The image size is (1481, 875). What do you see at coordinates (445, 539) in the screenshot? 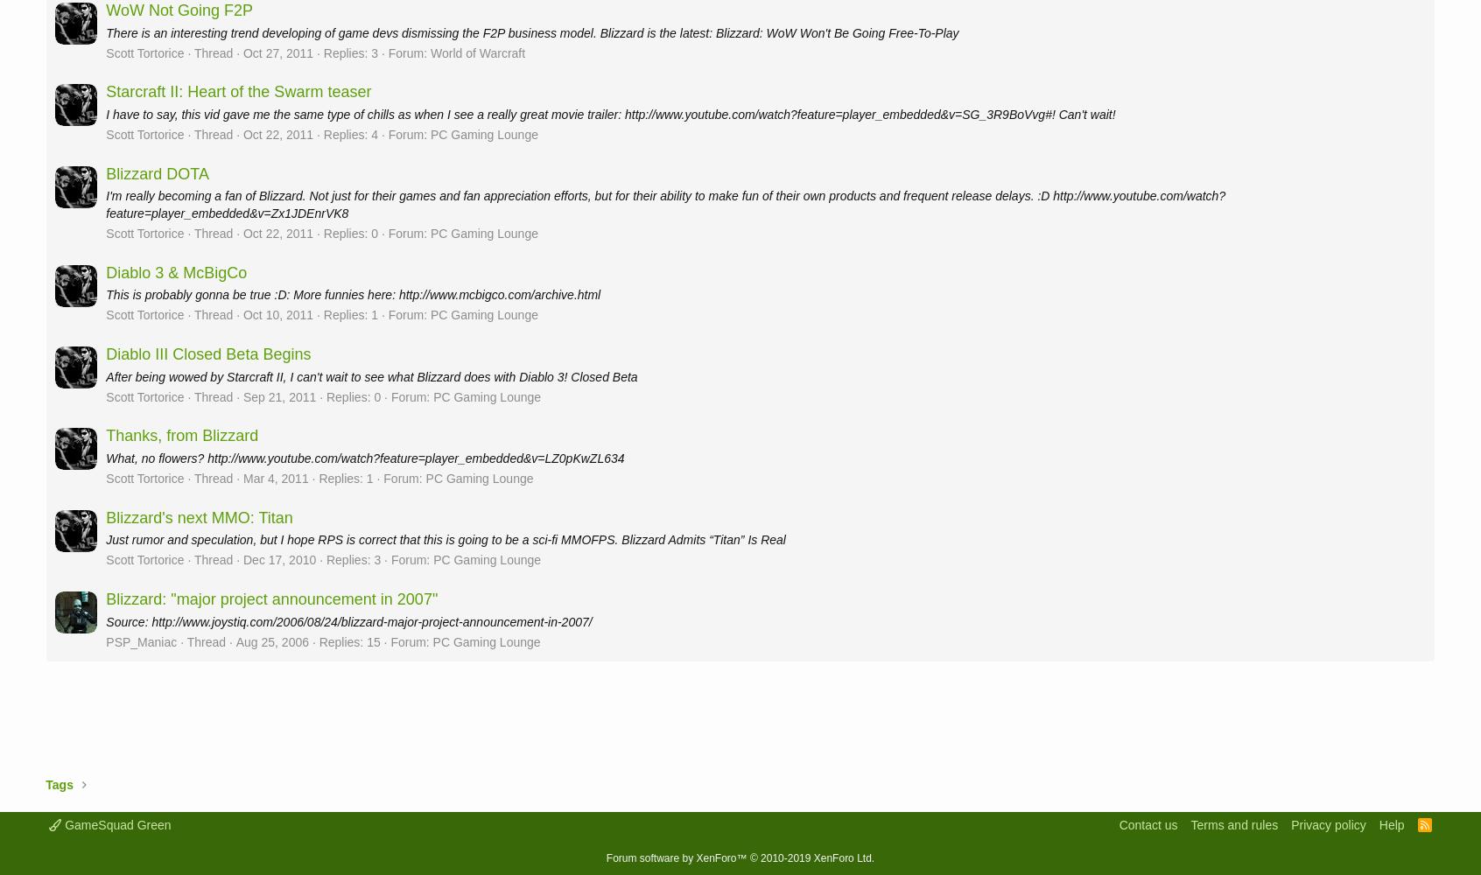
I see `'Just rumor and speculation, but I hope RPS is correct that this is going to be a sci-fi MMOFPS.

Blizzard Admits “Titan” Is Real'` at bounding box center [445, 539].